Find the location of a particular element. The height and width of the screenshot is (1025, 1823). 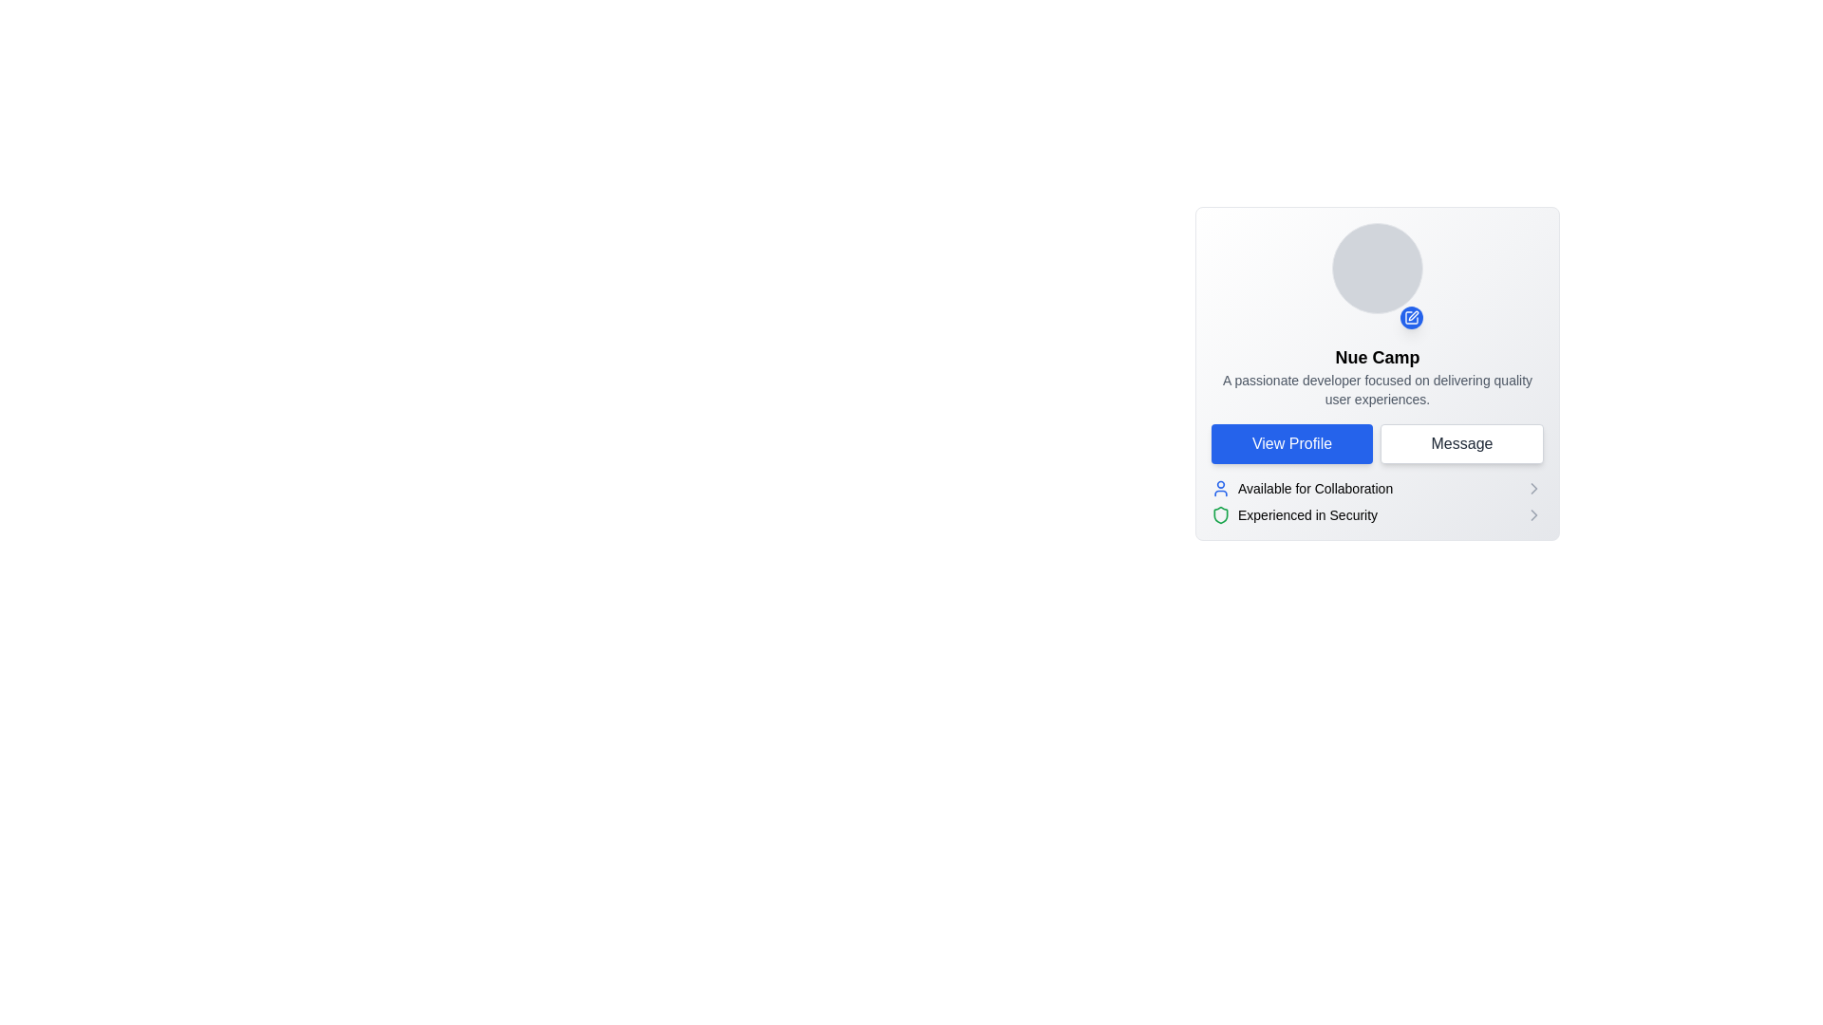

the static text label displaying the profile name located directly beneath the circular profile image in the upper section of the card is located at coordinates (1377, 358).